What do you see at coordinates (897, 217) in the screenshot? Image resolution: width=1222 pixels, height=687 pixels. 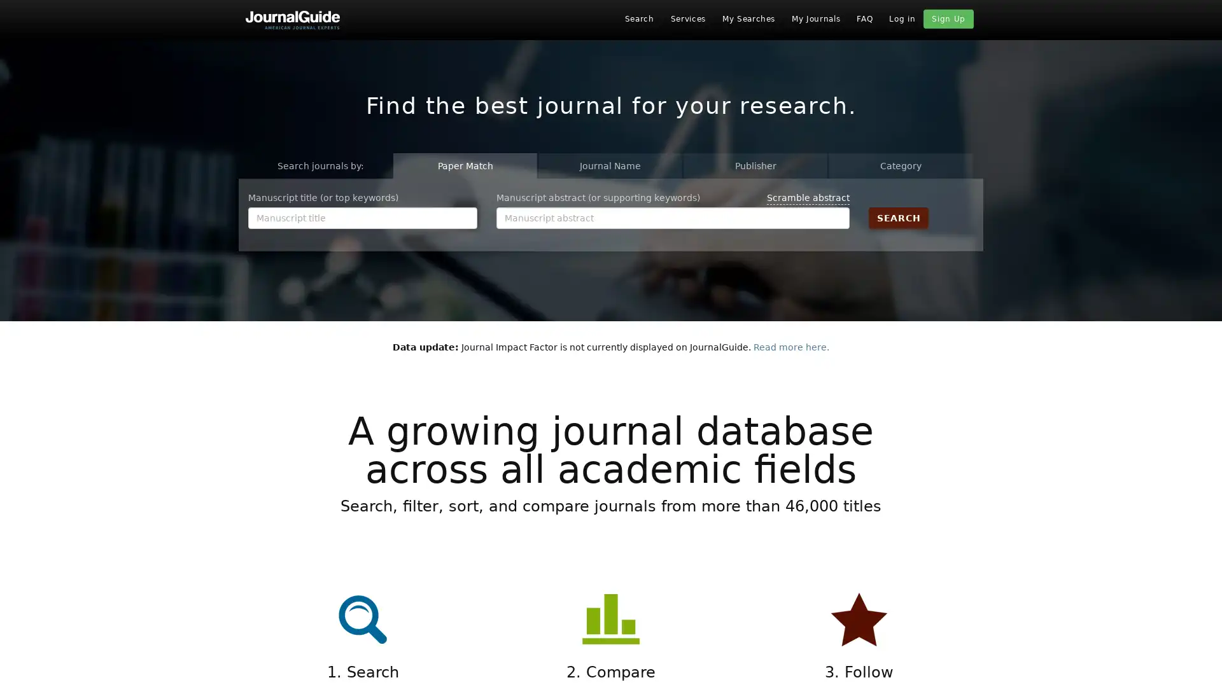 I see `SEARCH` at bounding box center [897, 217].